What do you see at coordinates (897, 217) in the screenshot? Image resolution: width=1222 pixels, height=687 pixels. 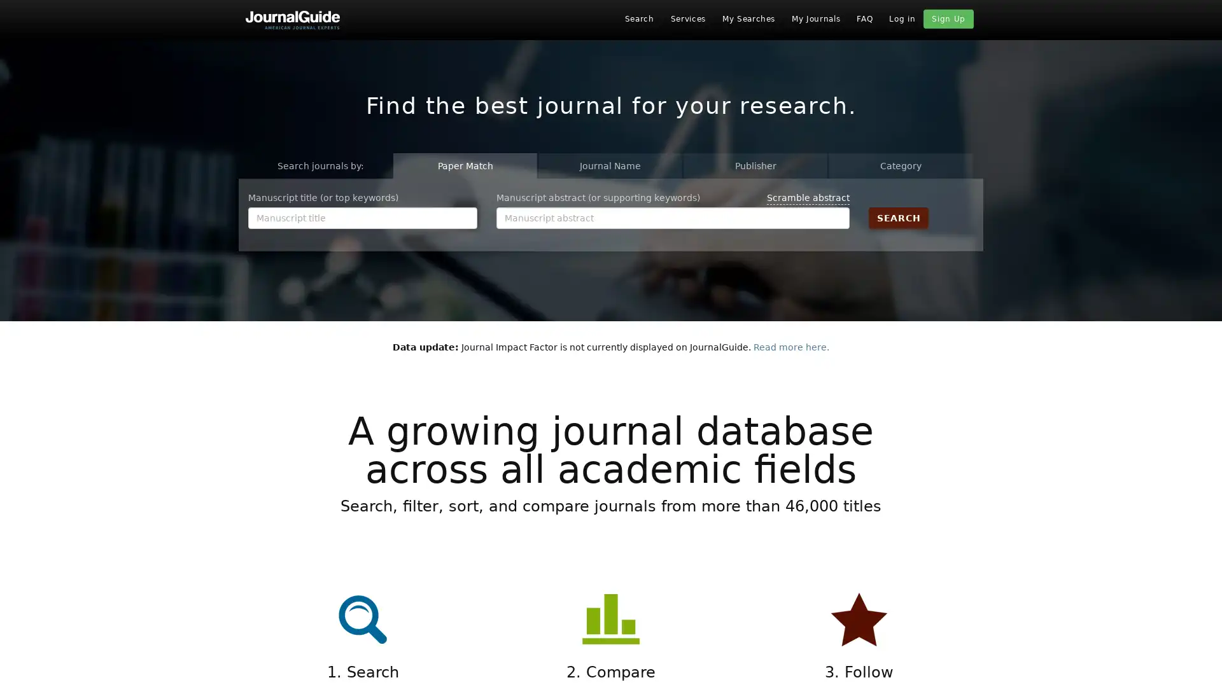 I see `SEARCH` at bounding box center [897, 217].